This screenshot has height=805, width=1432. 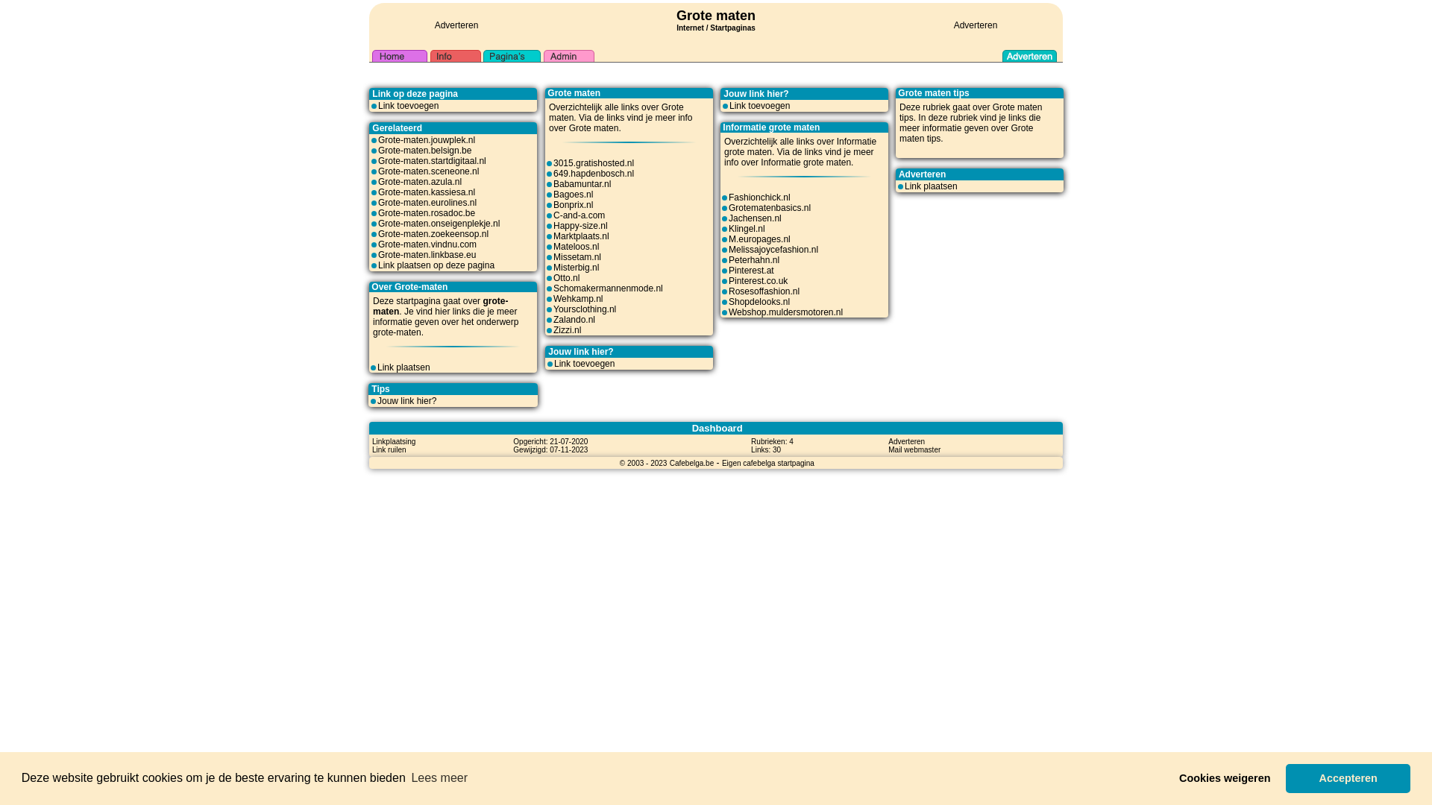 What do you see at coordinates (425, 140) in the screenshot?
I see `'Grote-maten.jouwplek.nl'` at bounding box center [425, 140].